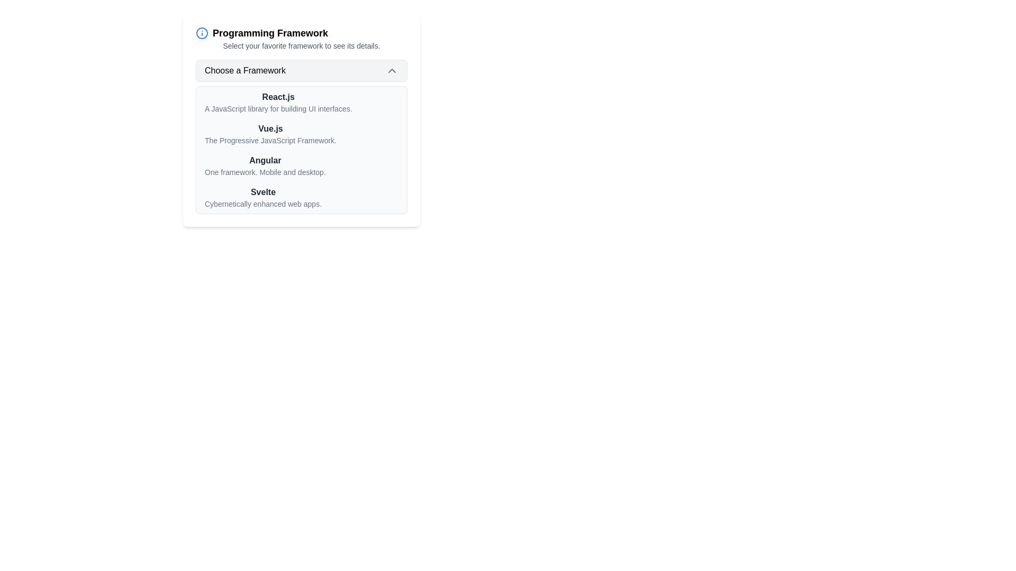  Describe the element at coordinates (301, 119) in the screenshot. I see `the second selectable item in the list of programming frameworks, located below 'React.js' and above 'Angular'` at that location.